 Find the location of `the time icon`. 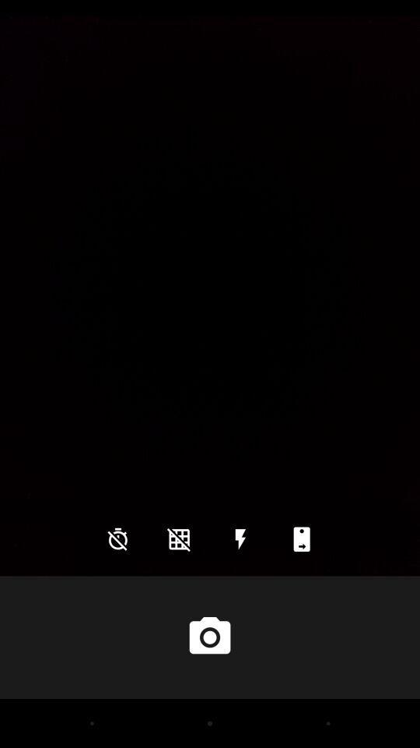

the time icon is located at coordinates (117, 539).